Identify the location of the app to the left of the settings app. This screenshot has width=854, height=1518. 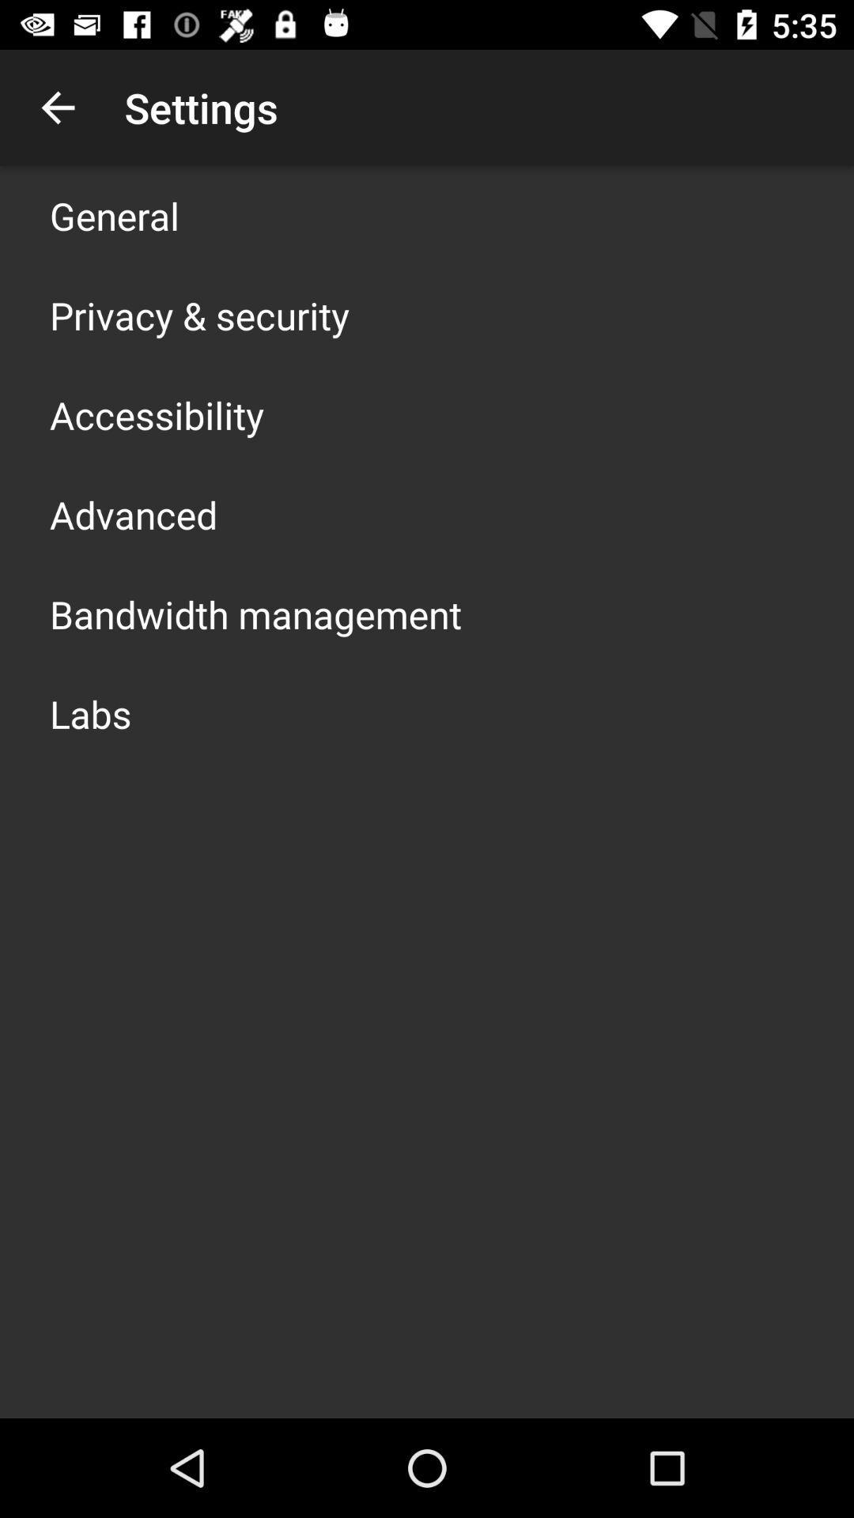
(57, 107).